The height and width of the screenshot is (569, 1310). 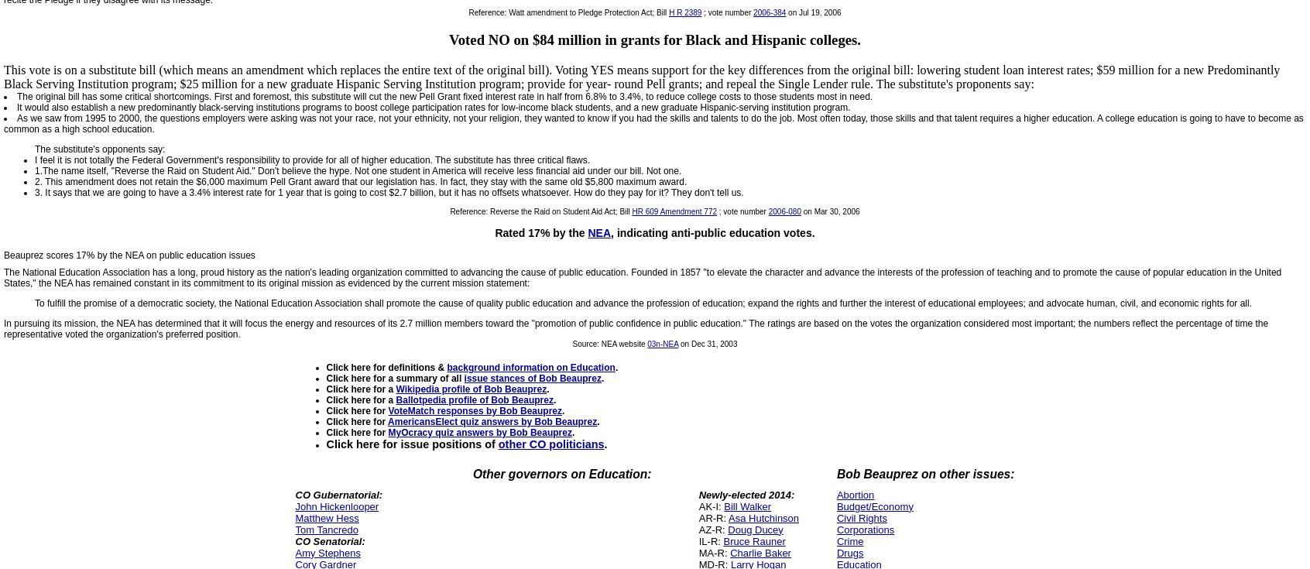 I want to click on 'Ballotpedia profile 
of Bob Beauprez', so click(x=473, y=399).